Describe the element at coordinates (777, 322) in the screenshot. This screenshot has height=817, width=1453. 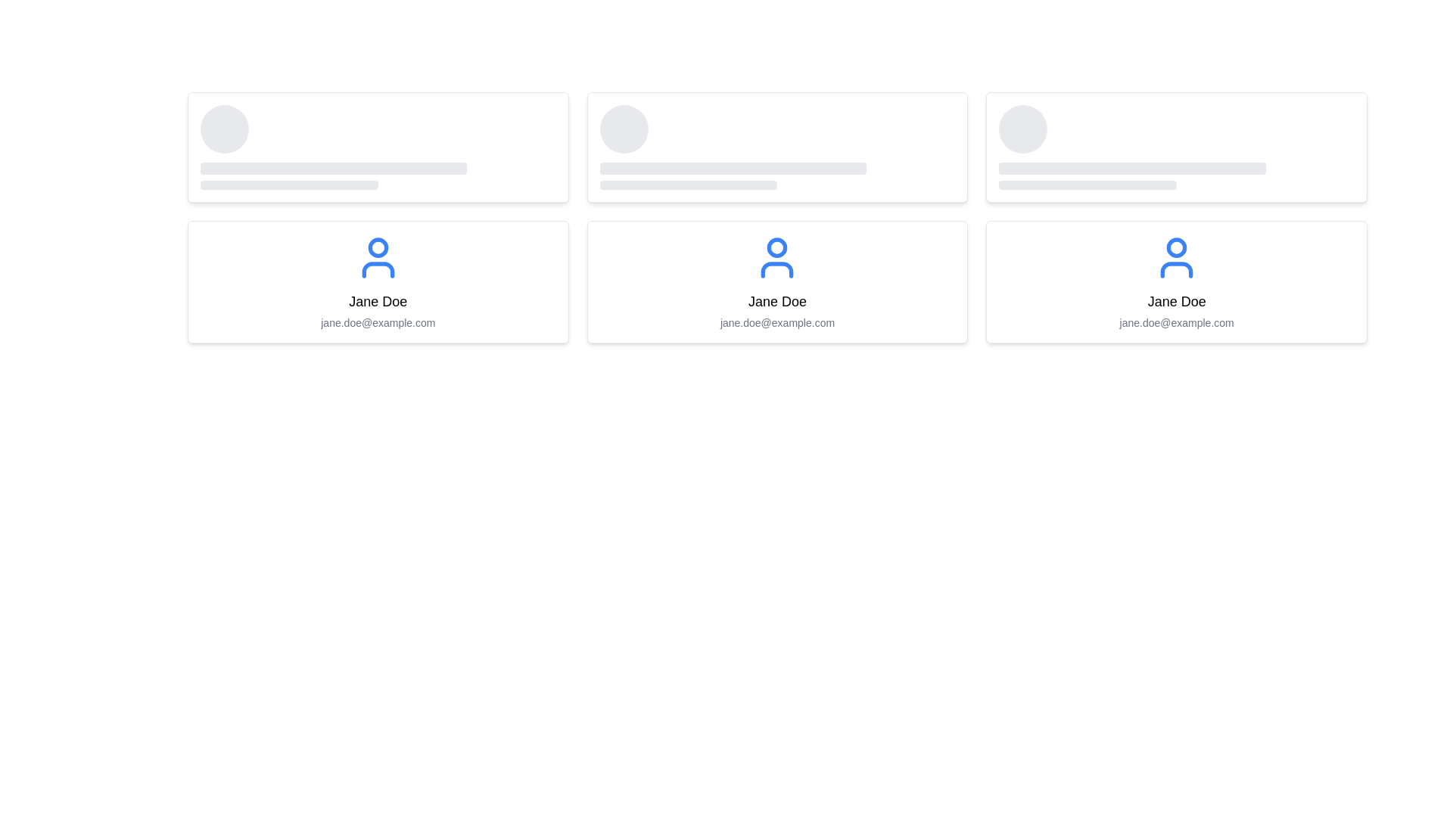
I see `email address text label belonging to user 'Jane Doe', which is positioned beneath the title text in the card layout` at that location.